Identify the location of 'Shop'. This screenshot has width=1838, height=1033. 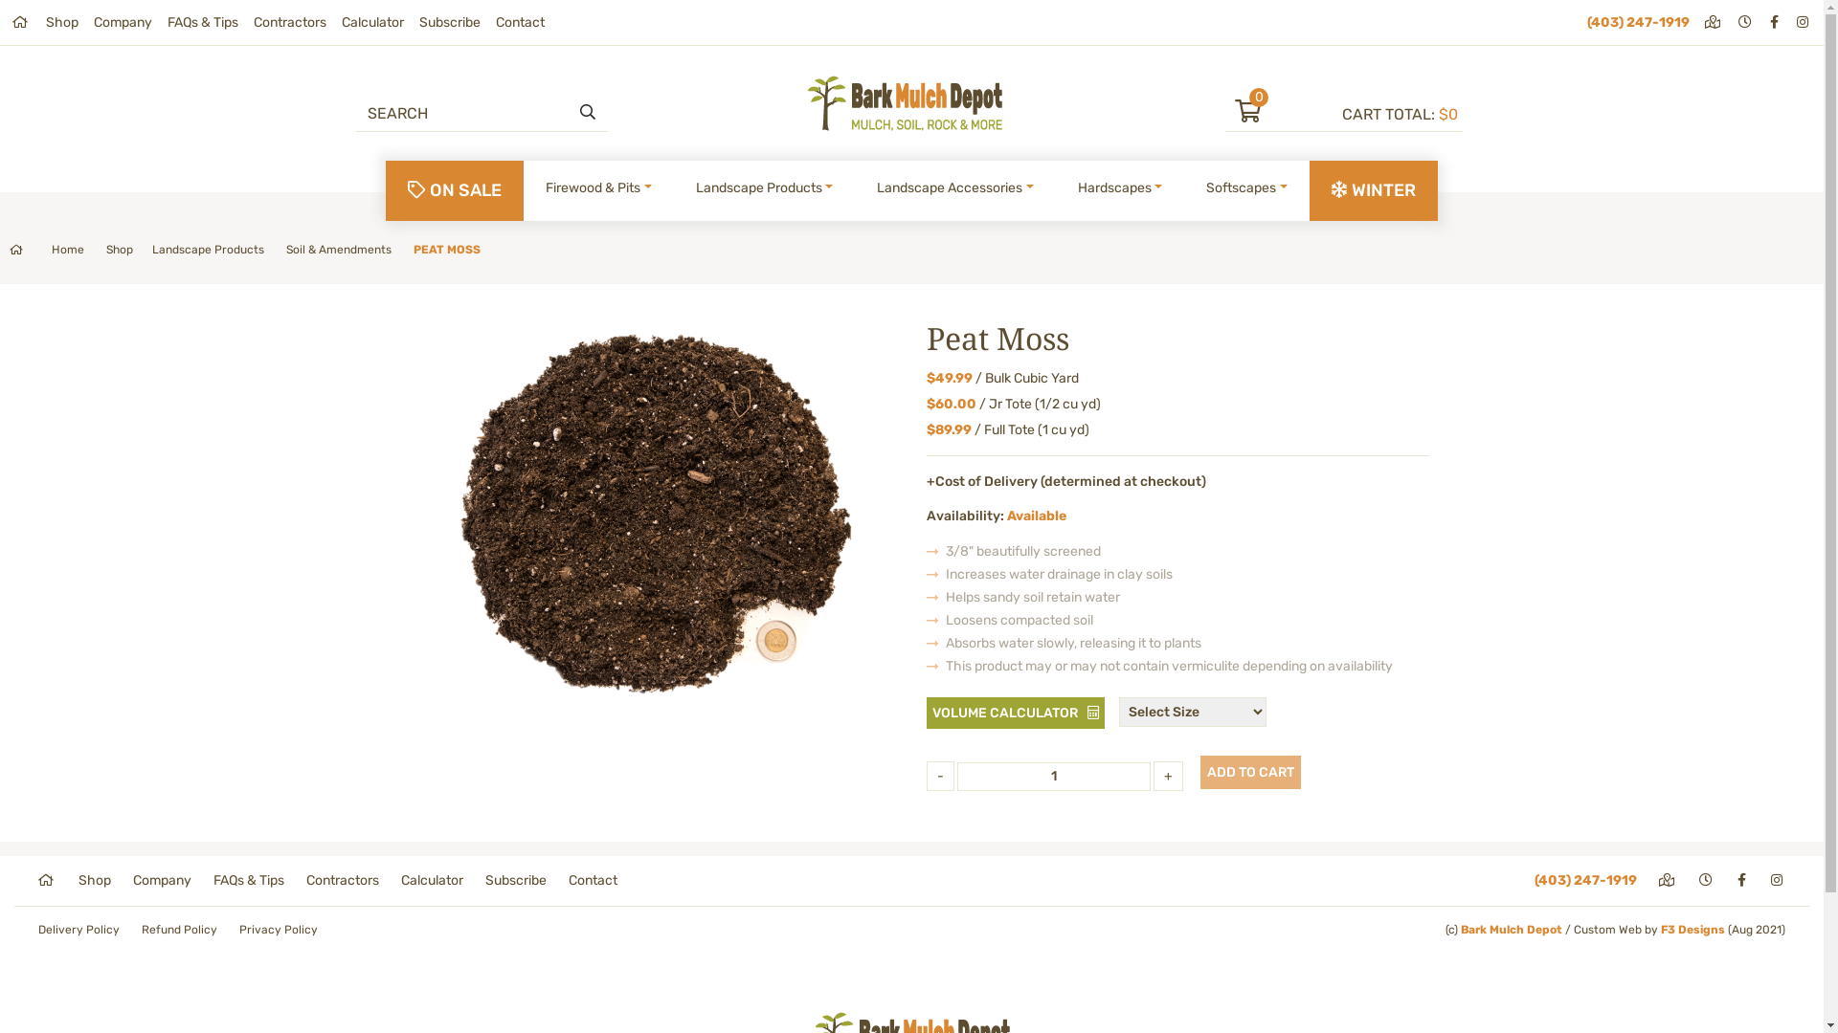
(77, 880).